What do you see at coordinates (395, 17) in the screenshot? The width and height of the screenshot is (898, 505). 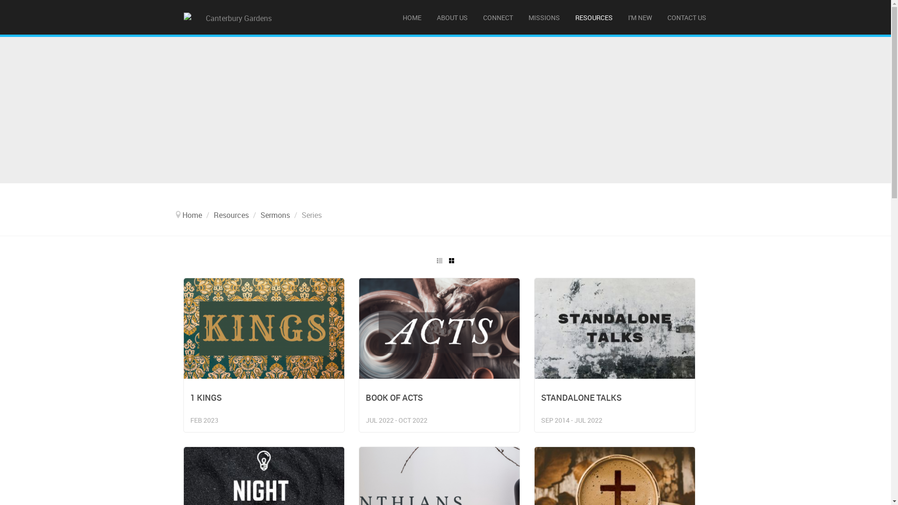 I see `'HOME'` at bounding box center [395, 17].